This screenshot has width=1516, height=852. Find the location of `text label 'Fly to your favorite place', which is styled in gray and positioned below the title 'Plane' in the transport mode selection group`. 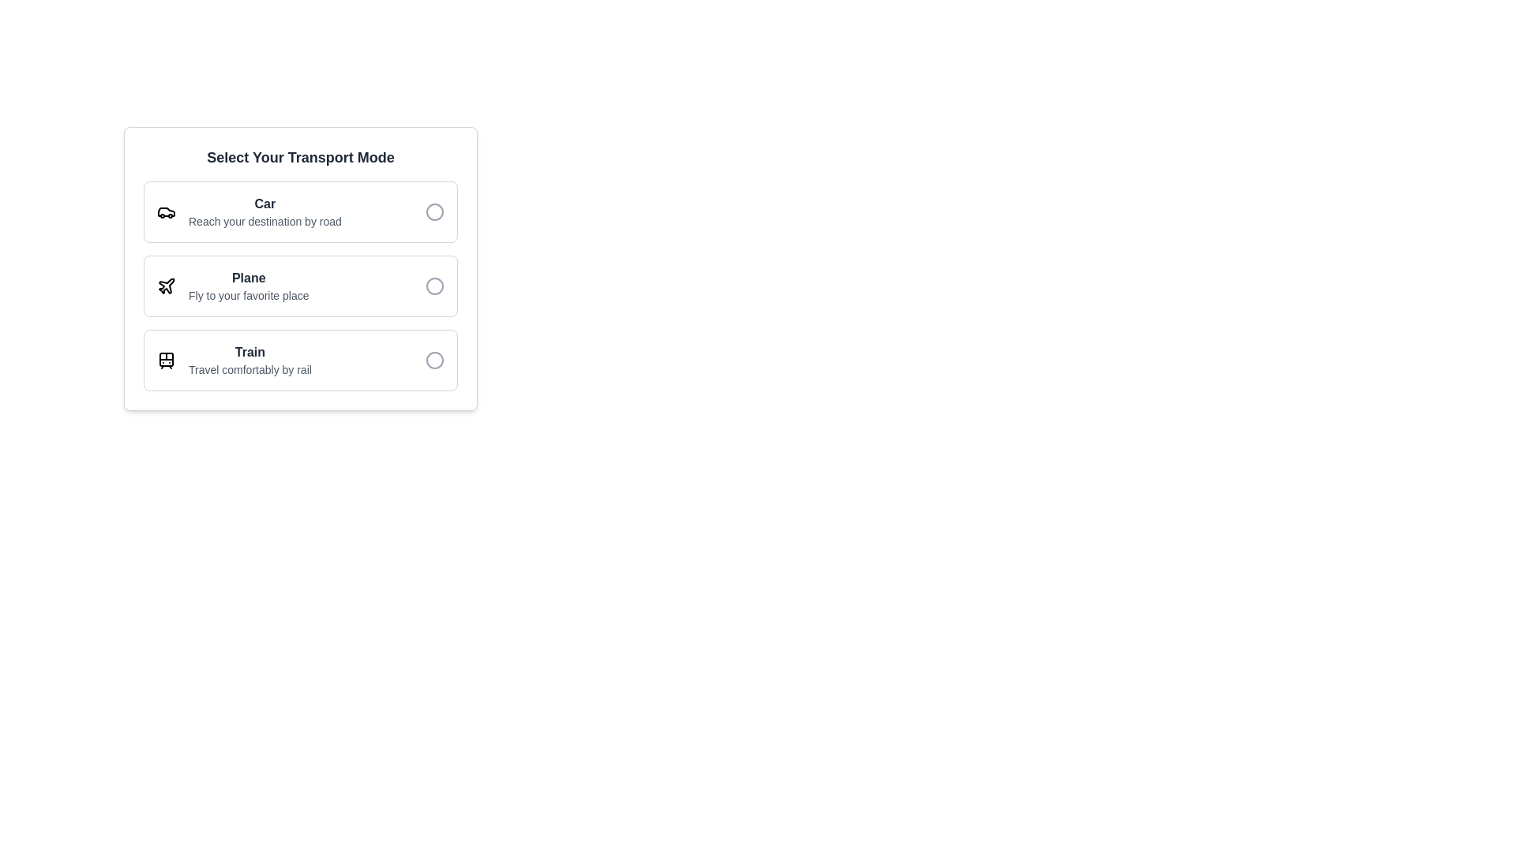

text label 'Fly to your favorite place', which is styled in gray and positioned below the title 'Plane' in the transport mode selection group is located at coordinates (248, 295).